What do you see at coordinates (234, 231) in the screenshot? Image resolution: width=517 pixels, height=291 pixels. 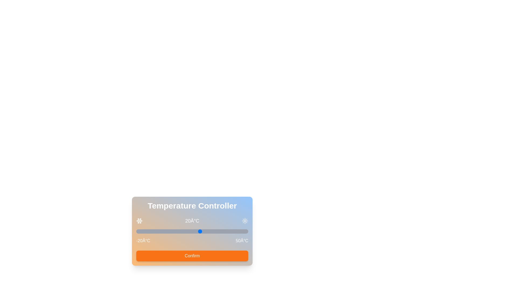 I see `the temperature slider to 41°C` at bounding box center [234, 231].